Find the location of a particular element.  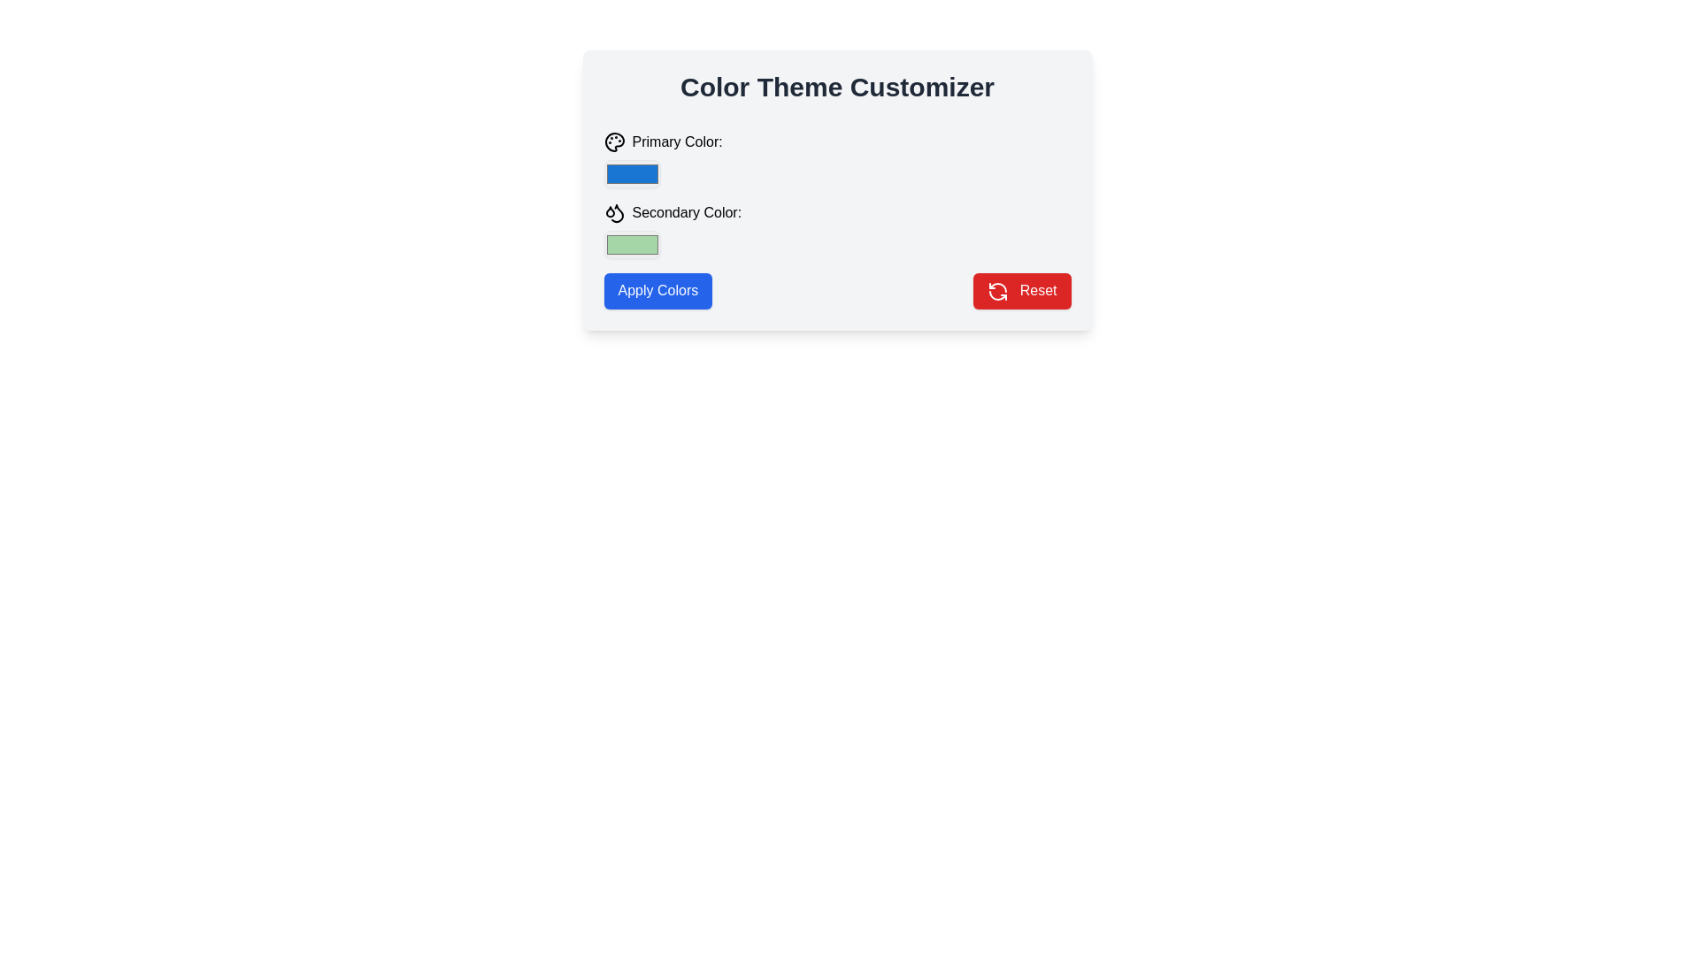

the refresh icon within the red 'Reset' button located in the bottom-right corner of the interface is located at coordinates (998, 290).